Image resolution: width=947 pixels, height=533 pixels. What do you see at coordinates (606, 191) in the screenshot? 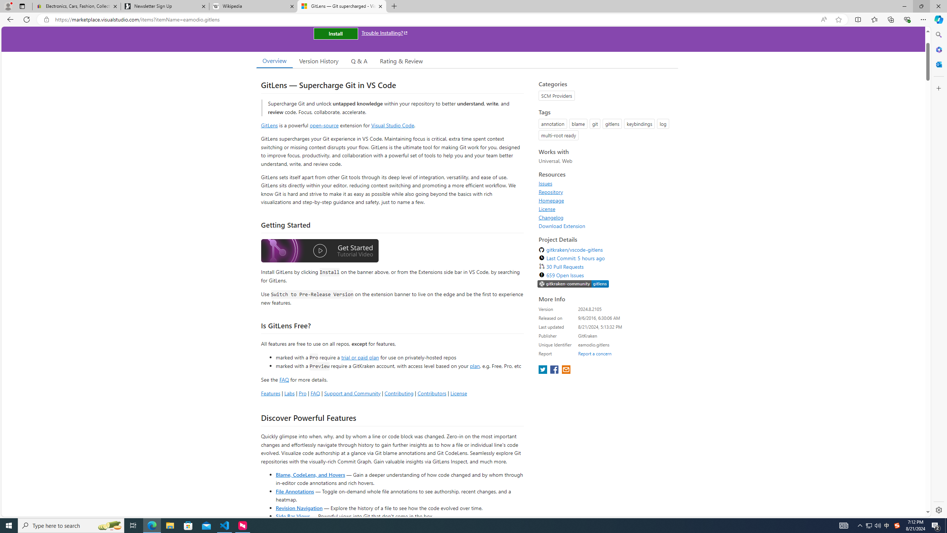
I see `'Repository'` at bounding box center [606, 191].